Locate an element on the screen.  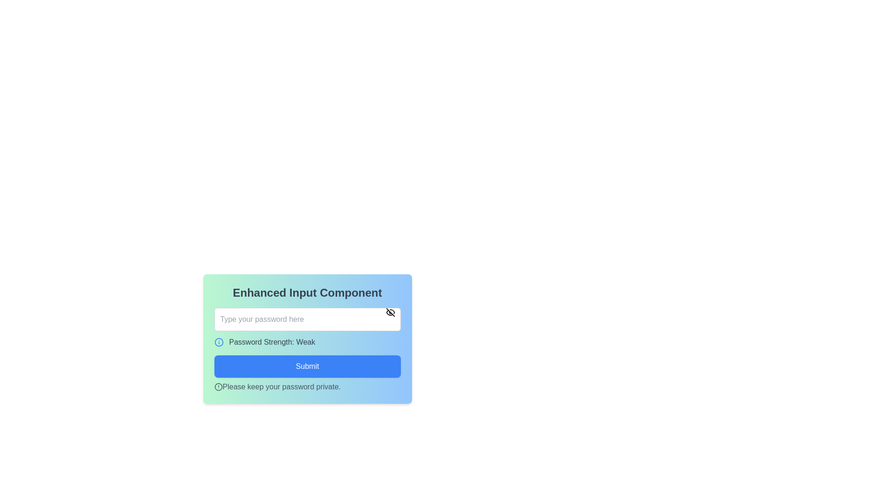
the button styled as an inline icon within the password input field is located at coordinates (390, 313).